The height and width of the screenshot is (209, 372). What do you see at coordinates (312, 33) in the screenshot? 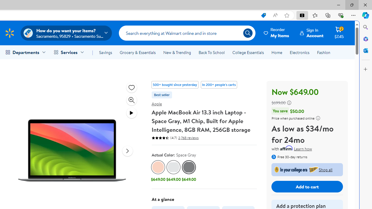
I see `'Sign In Account'` at bounding box center [312, 33].